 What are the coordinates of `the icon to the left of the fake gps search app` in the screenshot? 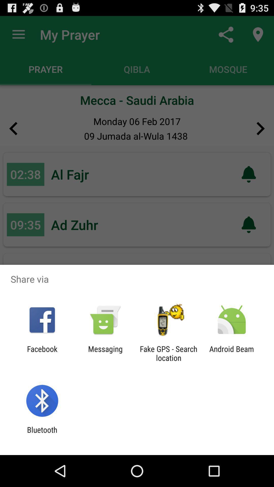 It's located at (105, 353).